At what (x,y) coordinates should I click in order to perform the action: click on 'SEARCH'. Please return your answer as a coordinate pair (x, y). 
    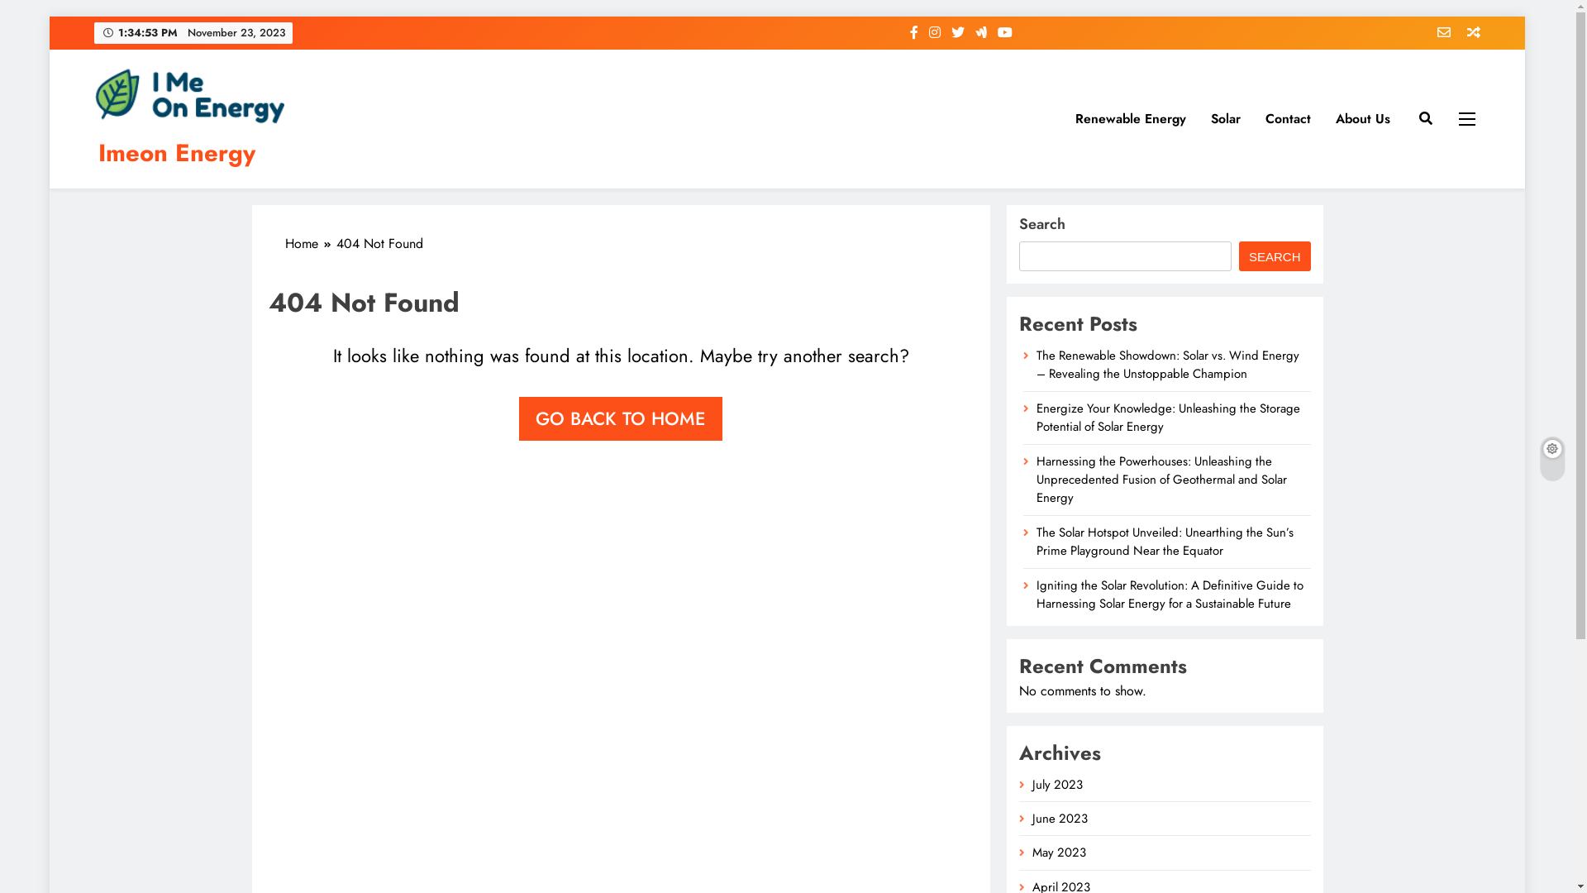
    Looking at the image, I should click on (1274, 255).